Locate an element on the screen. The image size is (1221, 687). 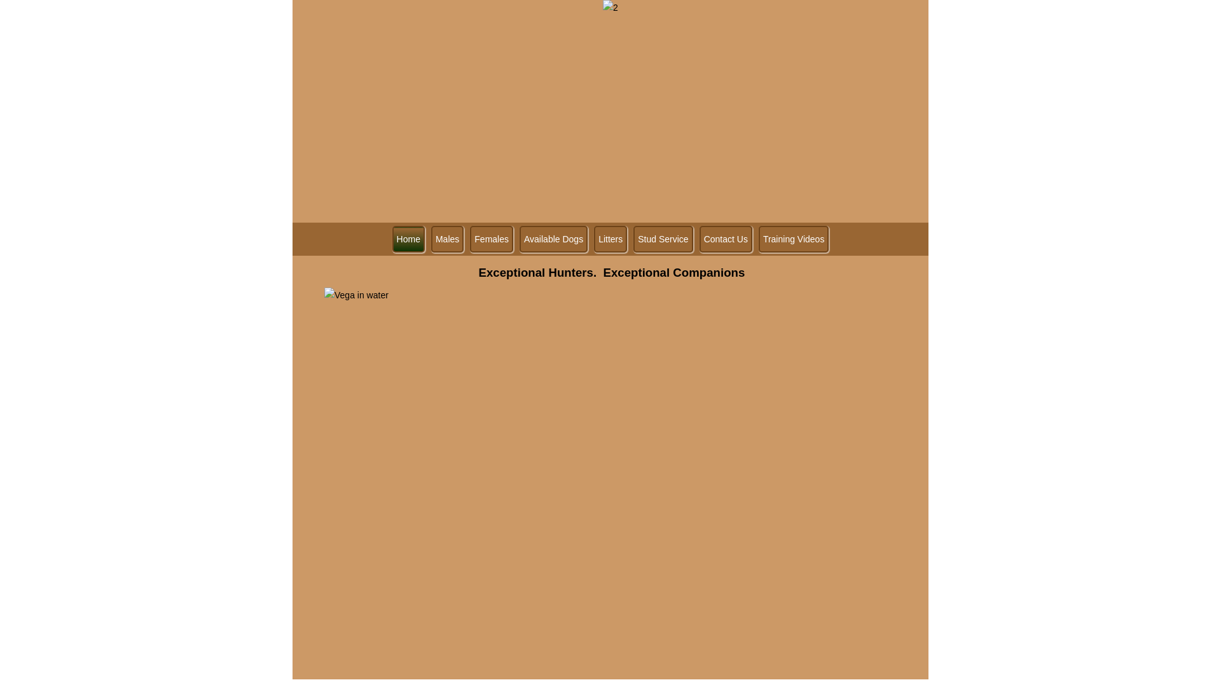
'Contact Us' is located at coordinates (726, 239).